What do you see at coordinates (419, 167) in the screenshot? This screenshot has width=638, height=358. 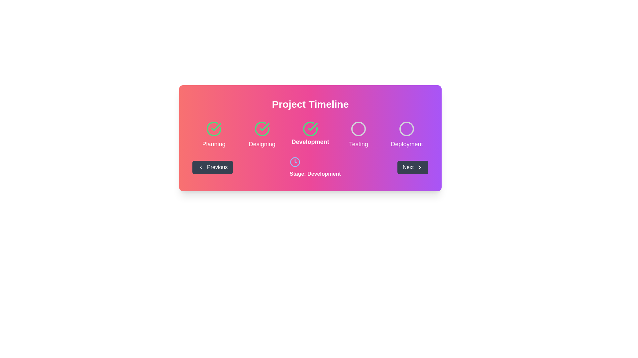 I see `the chevron icon indicating the 'Next' button functionality, which is positioned` at bounding box center [419, 167].